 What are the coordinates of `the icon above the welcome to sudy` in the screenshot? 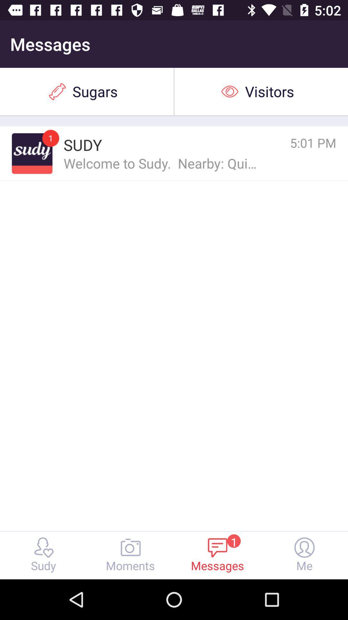 It's located at (284, 142).